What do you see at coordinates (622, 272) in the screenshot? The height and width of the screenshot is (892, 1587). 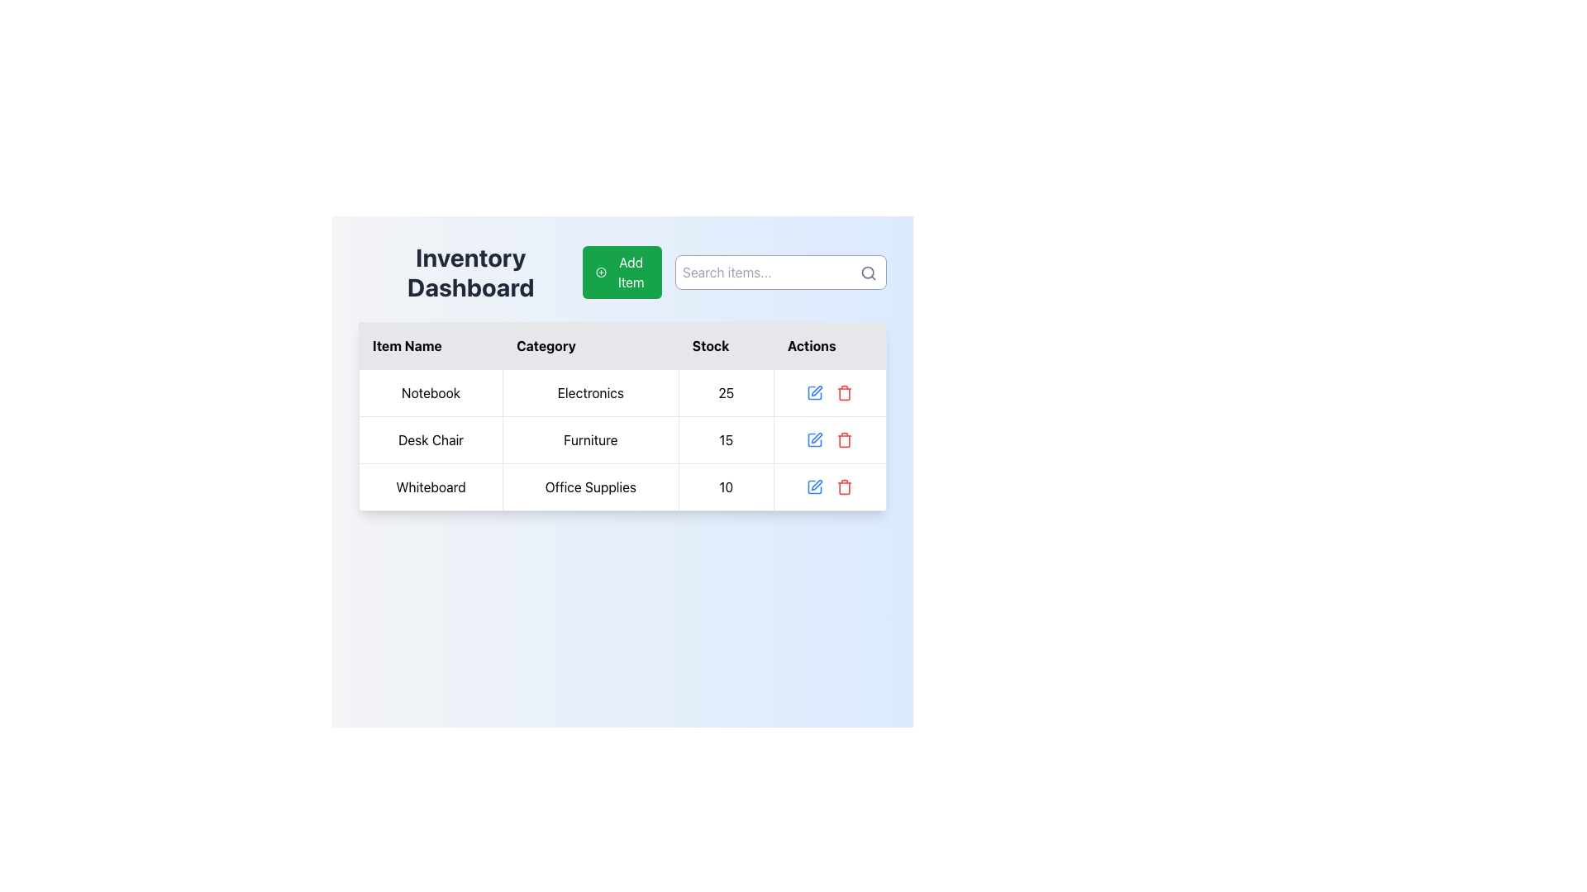 I see `the 'Add Item' button, which is a green rectangular button with rounded edges and white text, located in the upper-right section of the dashboard adjacent to the search bar` at bounding box center [622, 272].